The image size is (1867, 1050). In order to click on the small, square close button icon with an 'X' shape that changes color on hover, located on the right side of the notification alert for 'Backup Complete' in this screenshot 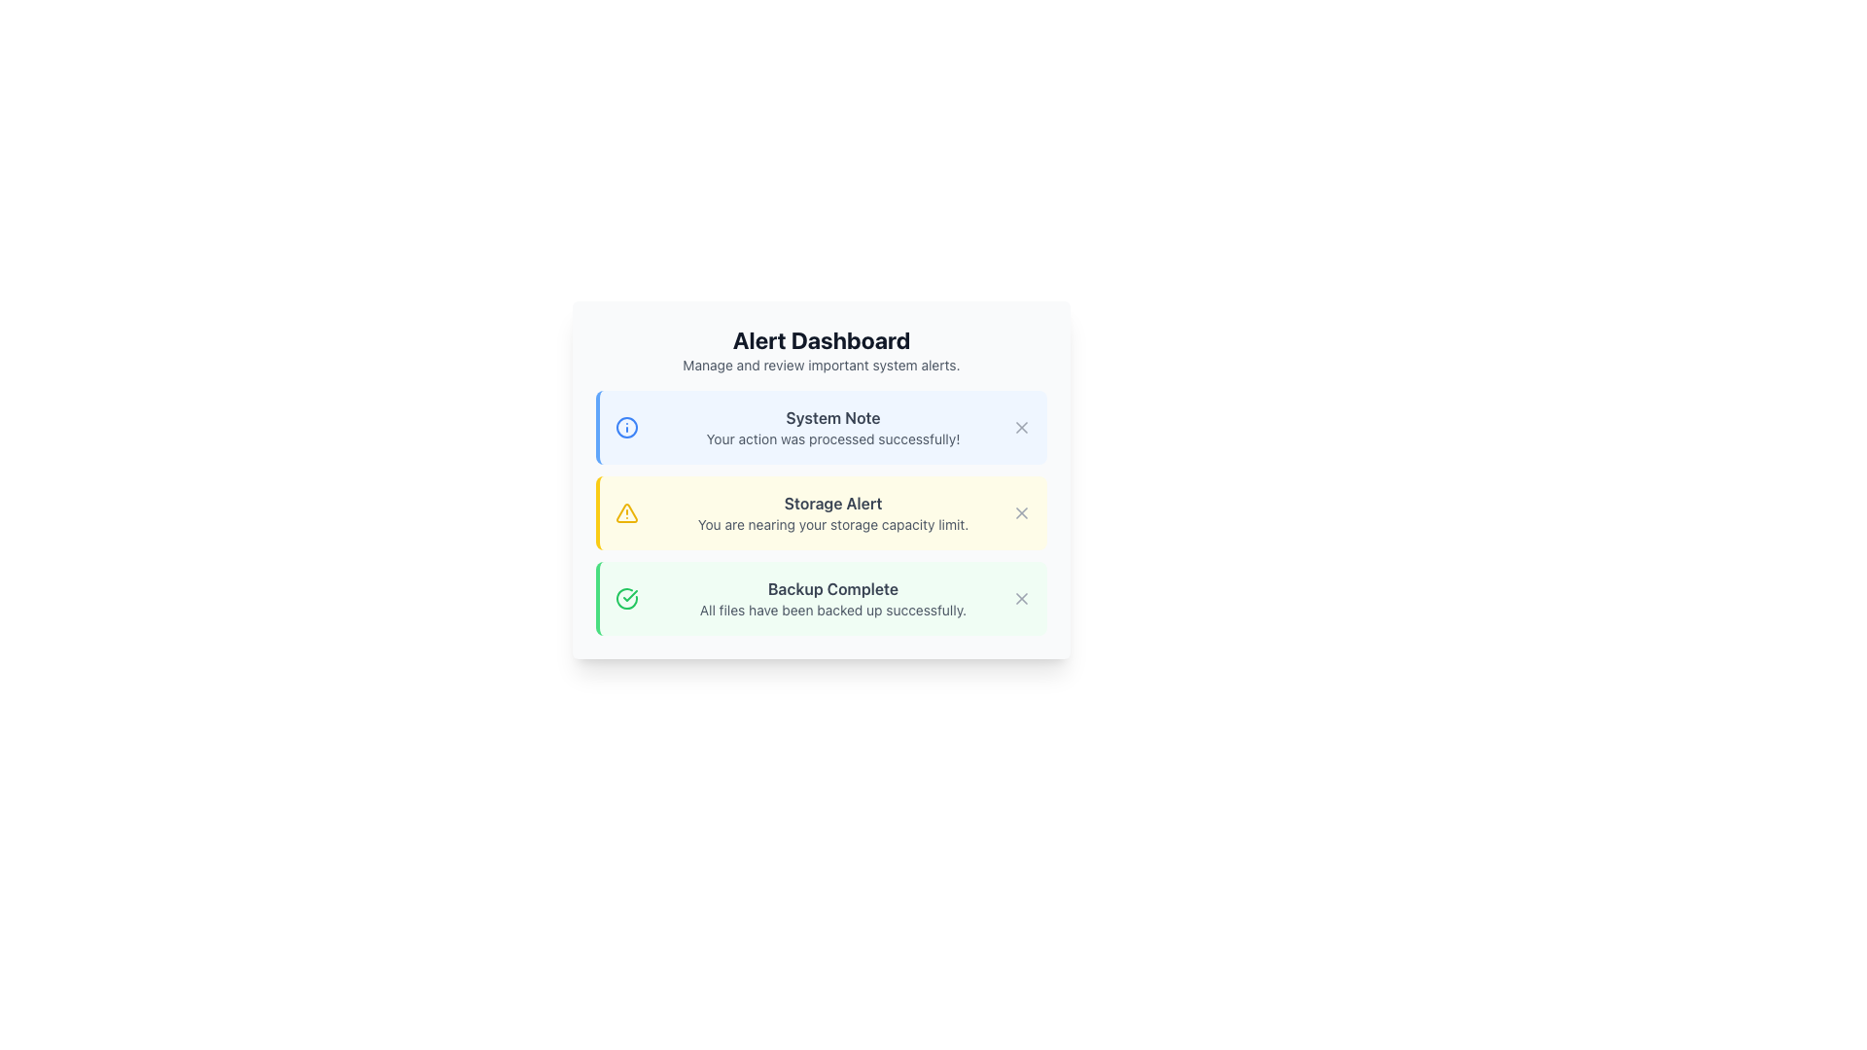, I will do `click(1021, 598)`.